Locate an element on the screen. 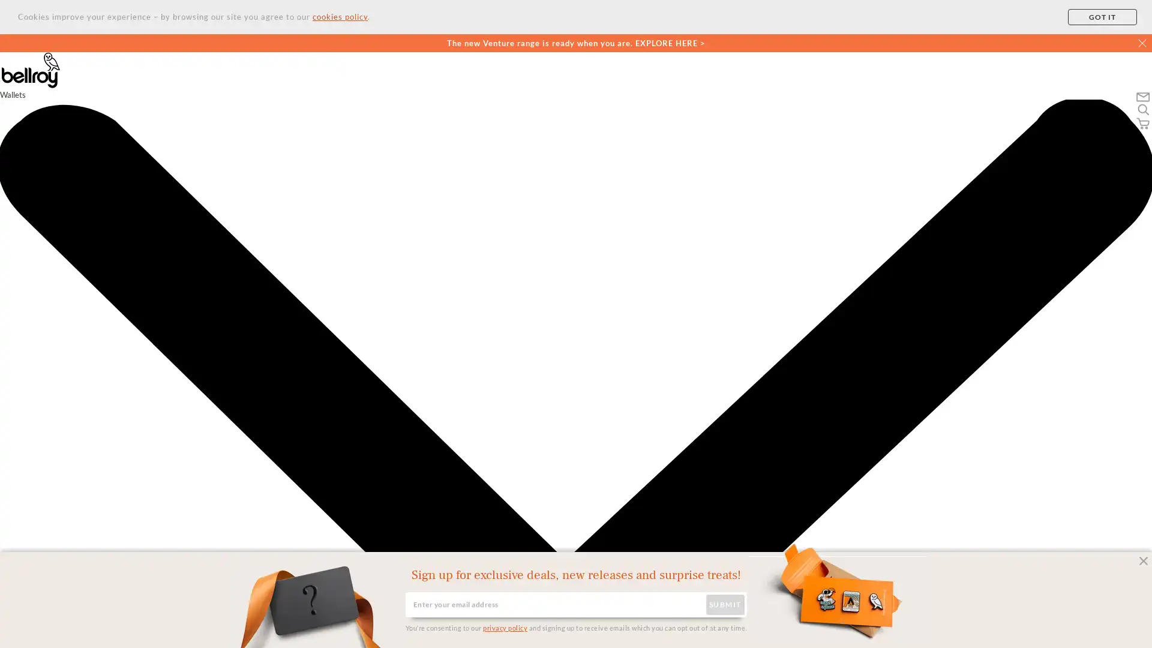  SUBMIT is located at coordinates (724, 604).